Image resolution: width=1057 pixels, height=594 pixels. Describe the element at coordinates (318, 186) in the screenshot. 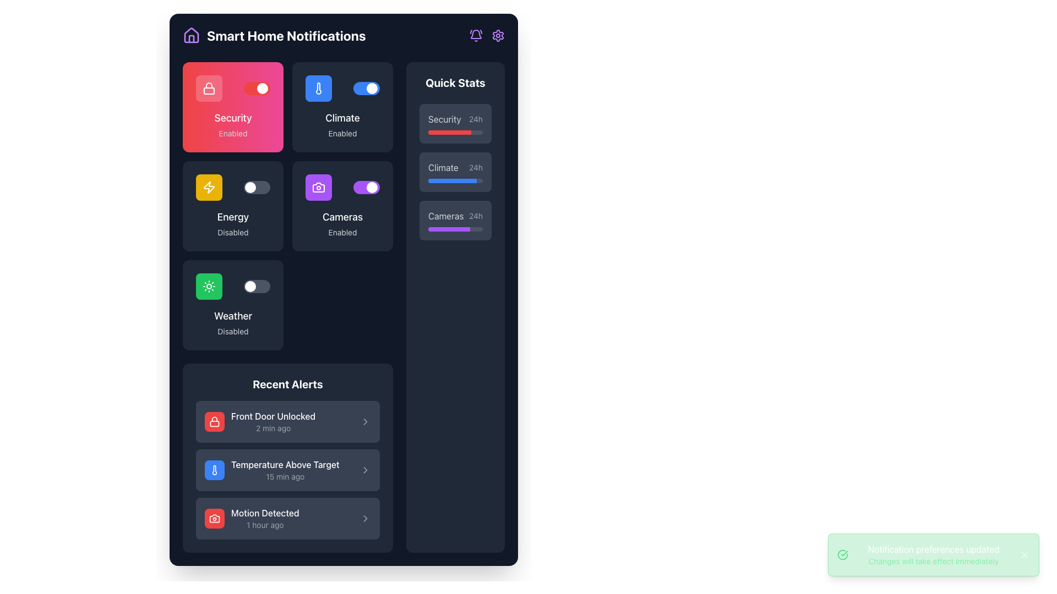

I see `the camera icon located in the control group tile labeled 'Cameras' in the second column of the top row, positioned to the left of the camera toggle switch` at that location.